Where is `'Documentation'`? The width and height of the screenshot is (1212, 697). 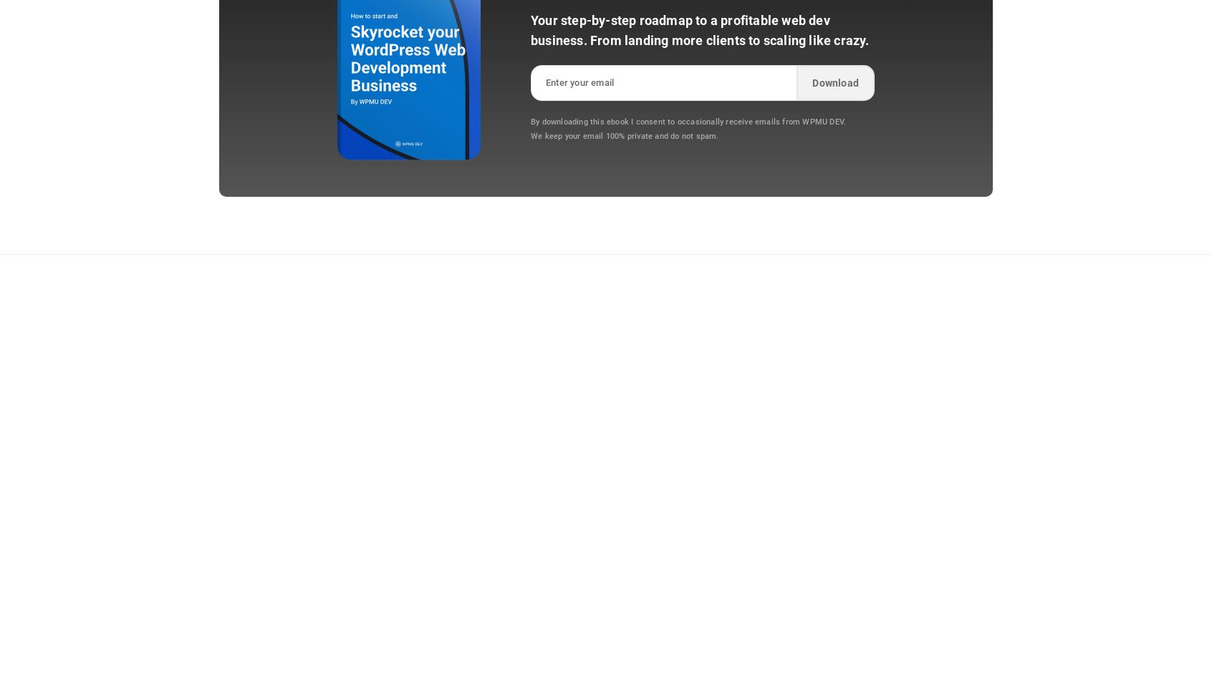 'Documentation' is located at coordinates (784, 408).